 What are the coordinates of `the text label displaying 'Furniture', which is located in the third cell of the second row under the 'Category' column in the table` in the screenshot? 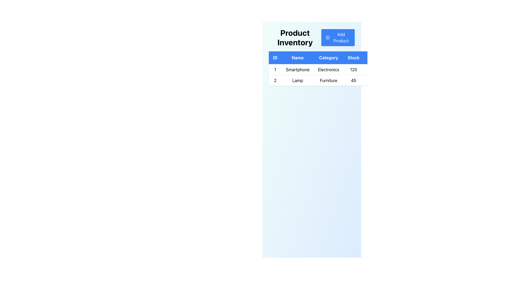 It's located at (328, 80).